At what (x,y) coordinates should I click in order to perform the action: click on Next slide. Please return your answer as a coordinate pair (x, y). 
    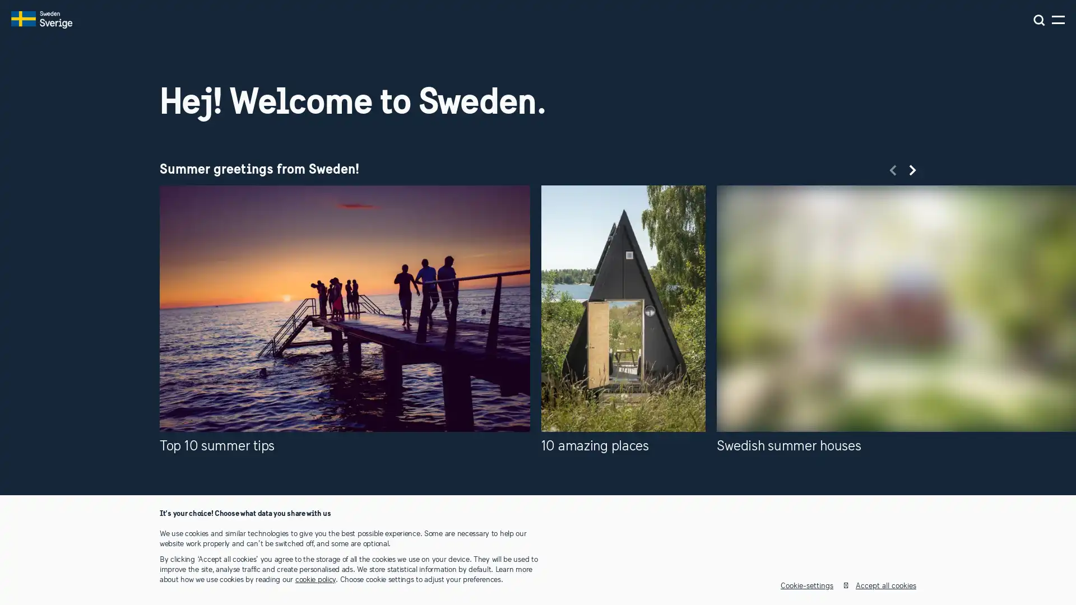
    Looking at the image, I should click on (912, 170).